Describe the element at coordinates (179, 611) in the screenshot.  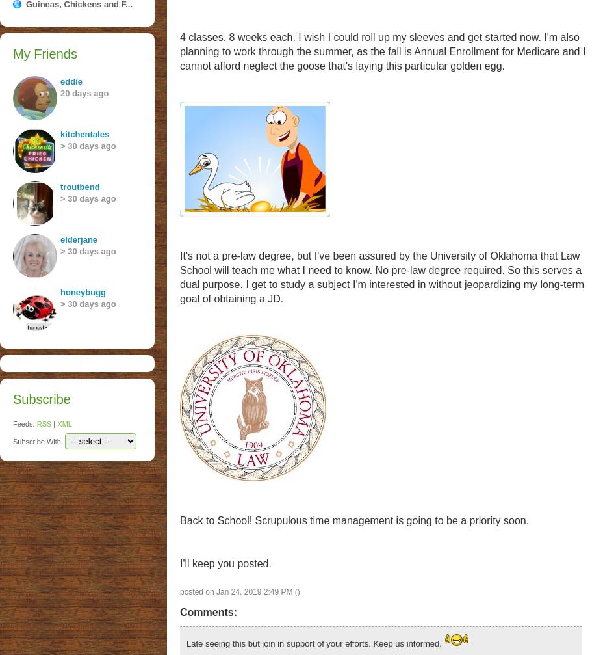
I see `'Comments:'` at that location.